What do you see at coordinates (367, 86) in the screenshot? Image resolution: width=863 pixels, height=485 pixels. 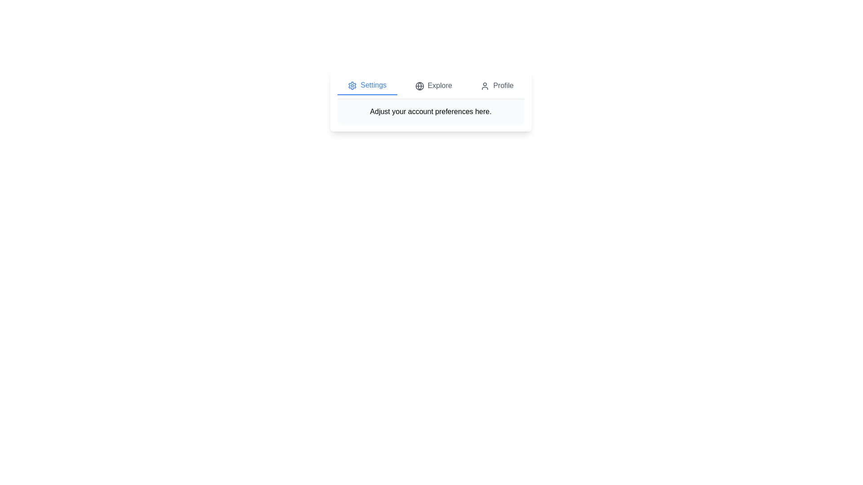 I see `the Settings tab by clicking the corresponding button` at bounding box center [367, 86].